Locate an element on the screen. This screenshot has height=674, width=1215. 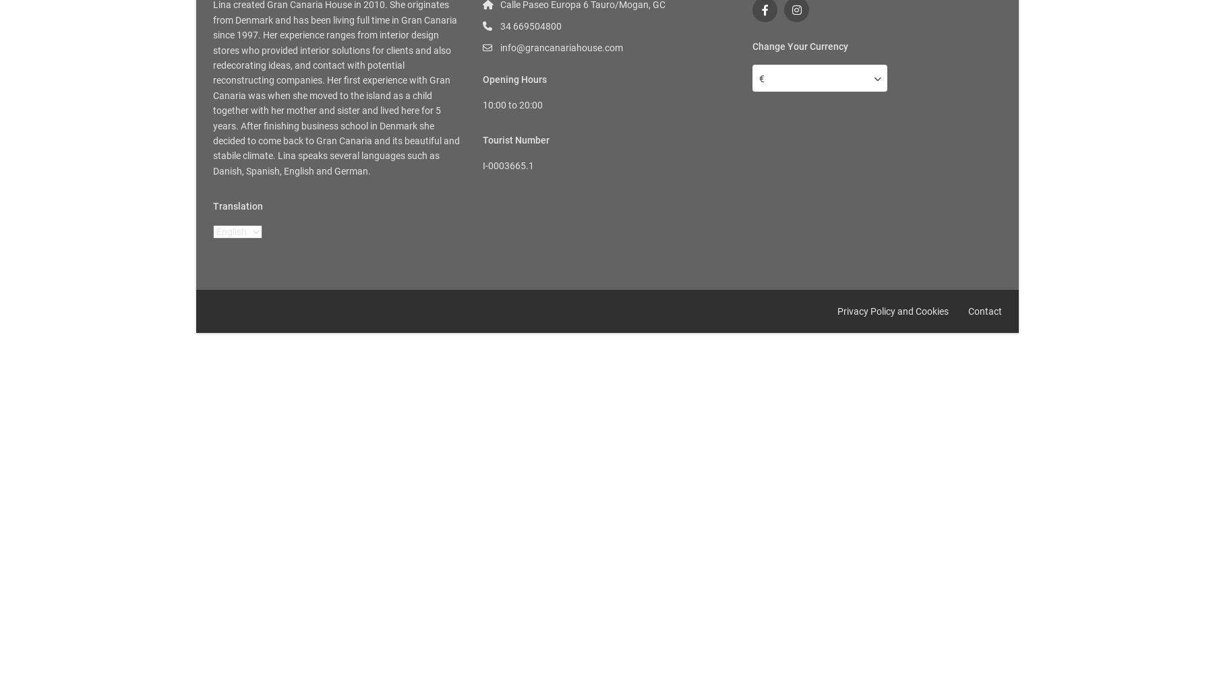
'info@grancanariahouse.com' is located at coordinates (562, 47).